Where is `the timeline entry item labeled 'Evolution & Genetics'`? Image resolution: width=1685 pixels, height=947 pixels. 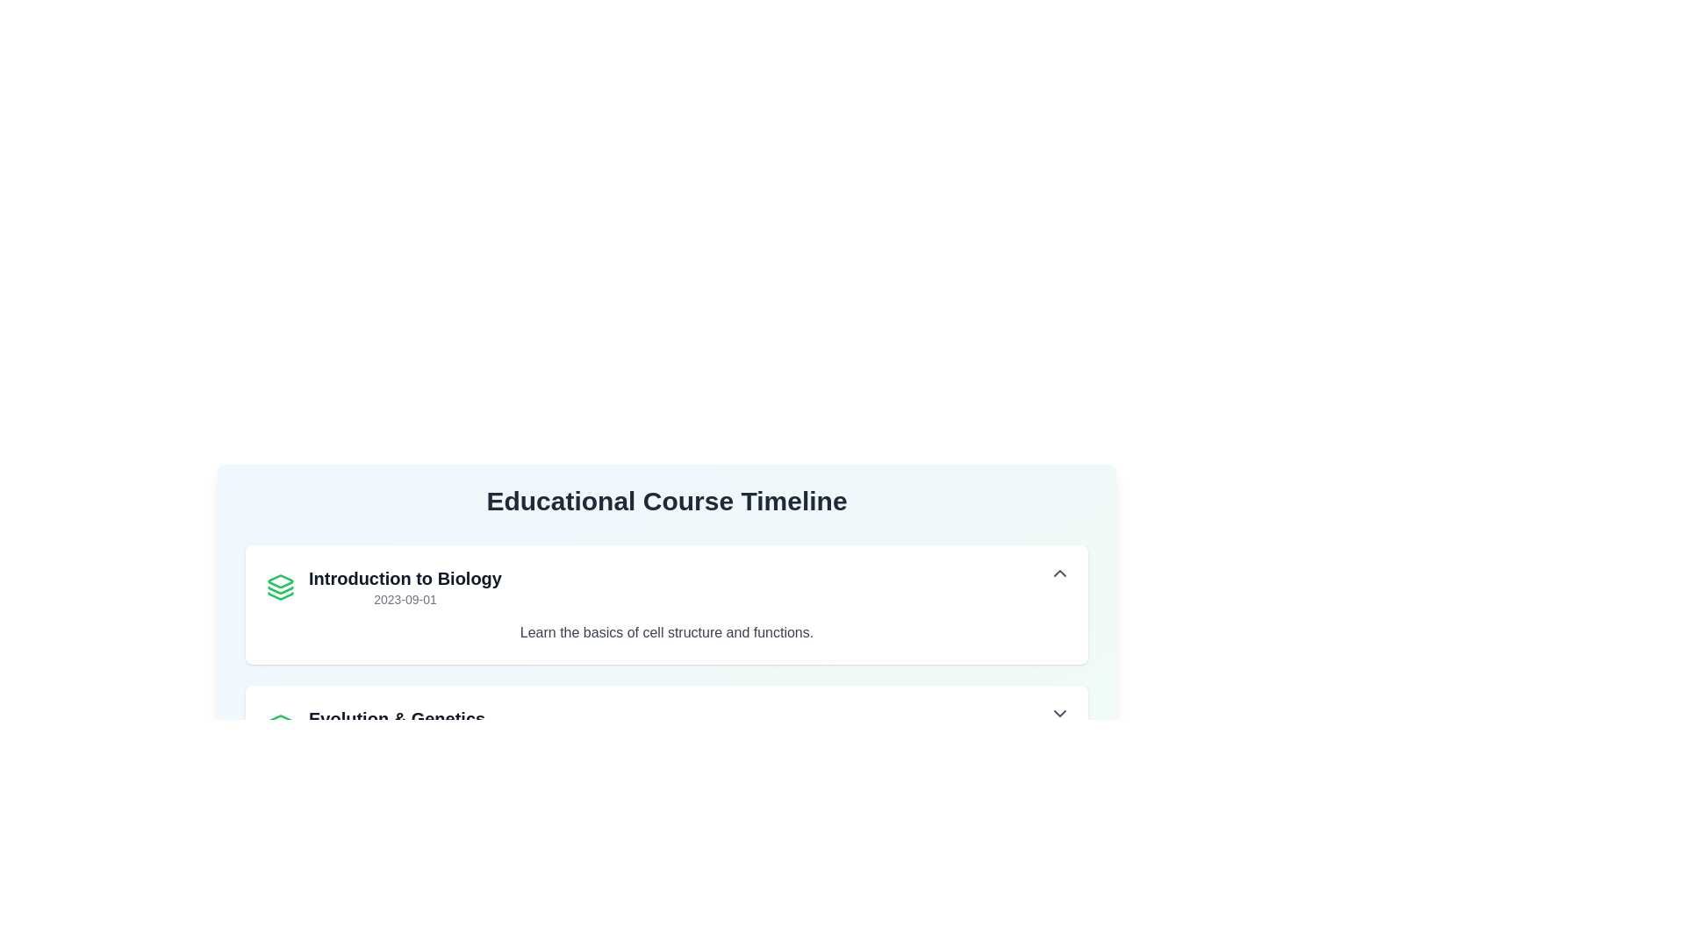
the timeline entry item labeled 'Evolution & Genetics' is located at coordinates (375, 727).